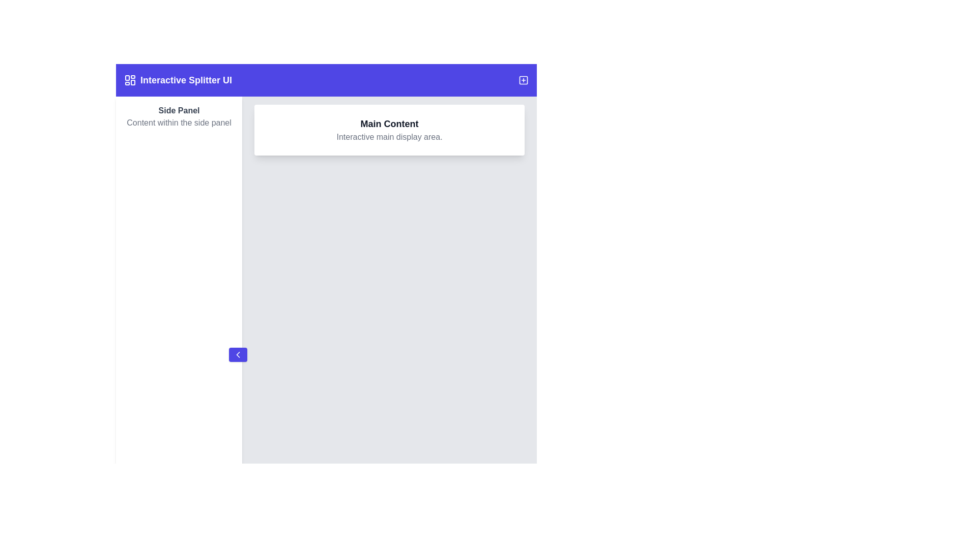  What do you see at coordinates (523, 80) in the screenshot?
I see `the SVG element that is part of an interactive icon located in the top-right corner of the page header` at bounding box center [523, 80].